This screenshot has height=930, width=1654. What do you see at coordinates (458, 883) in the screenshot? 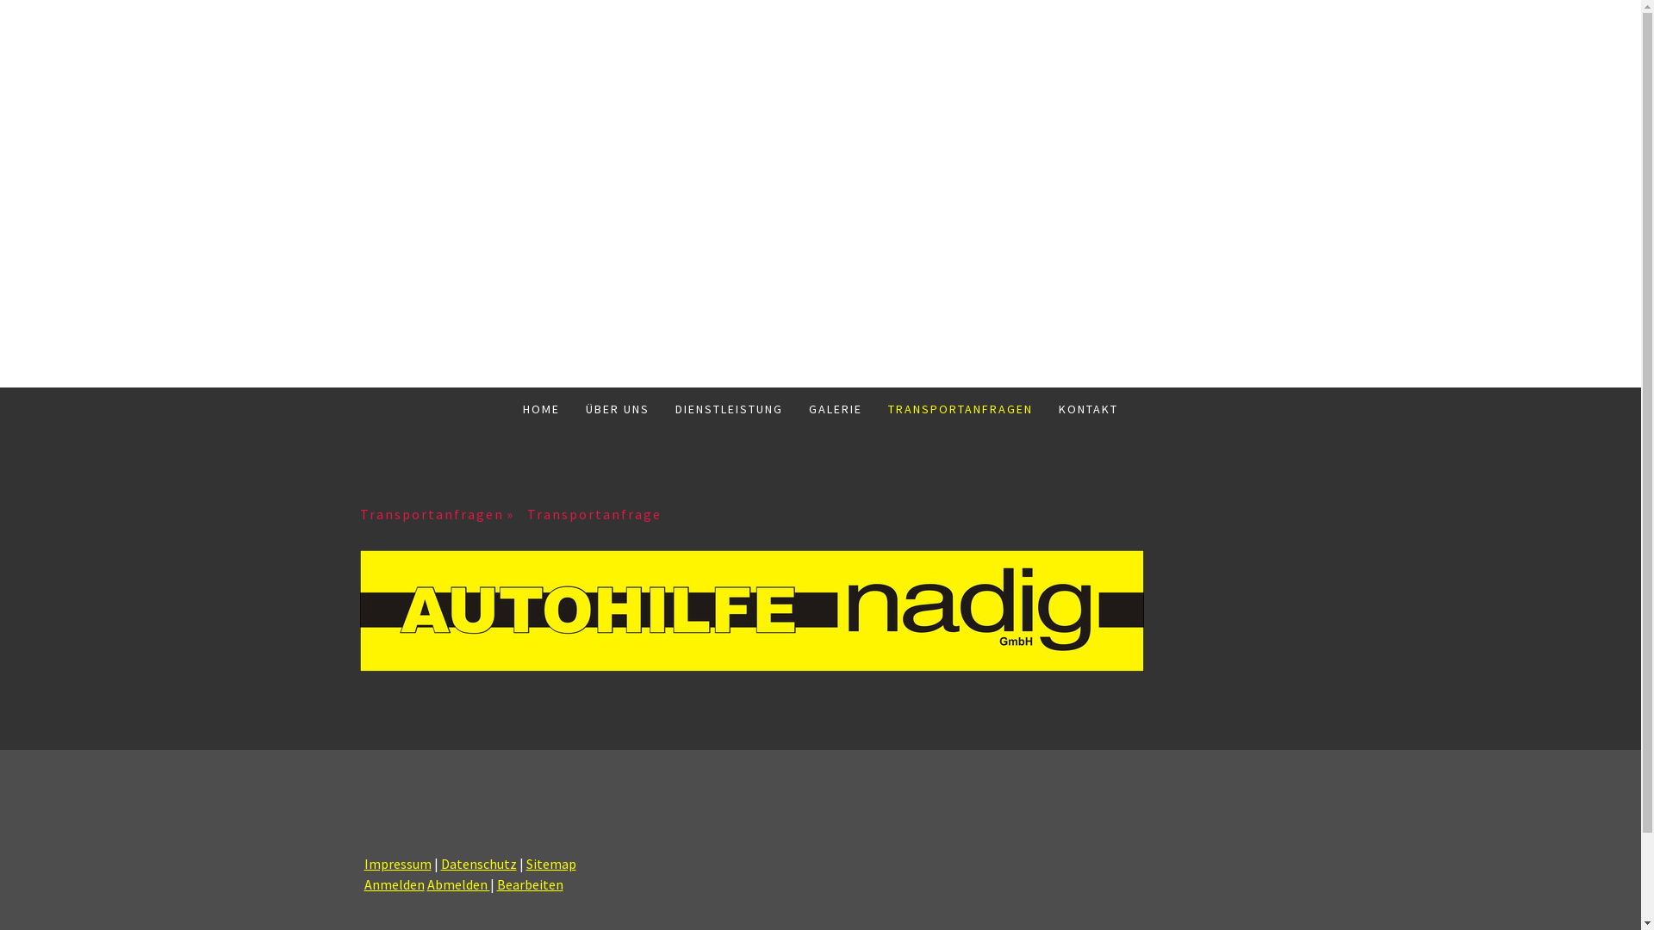
I see `'Abmelden'` at bounding box center [458, 883].